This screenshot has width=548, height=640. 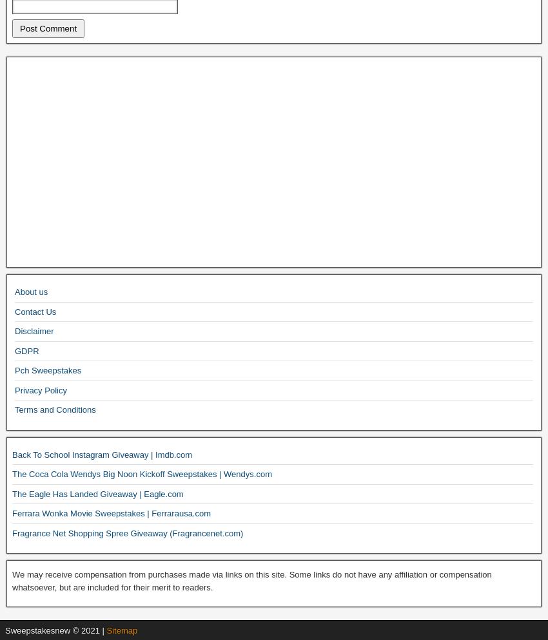 I want to click on 'Ferrara Wonka Movie Sweepstakes | Ferrarausa.com', so click(x=12, y=513).